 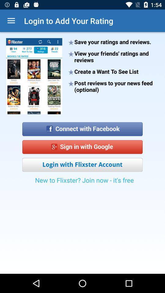 What do you see at coordinates (82, 146) in the screenshot?
I see `sign in` at bounding box center [82, 146].